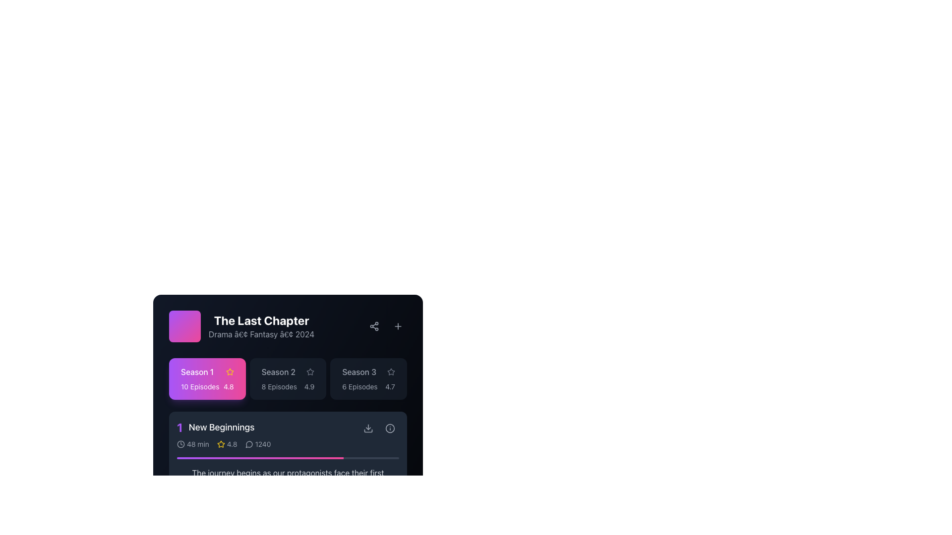 Image resolution: width=952 pixels, height=535 pixels. Describe the element at coordinates (258, 444) in the screenshot. I see `the informational display with the speech bubble icon showing '1240' comments` at that location.